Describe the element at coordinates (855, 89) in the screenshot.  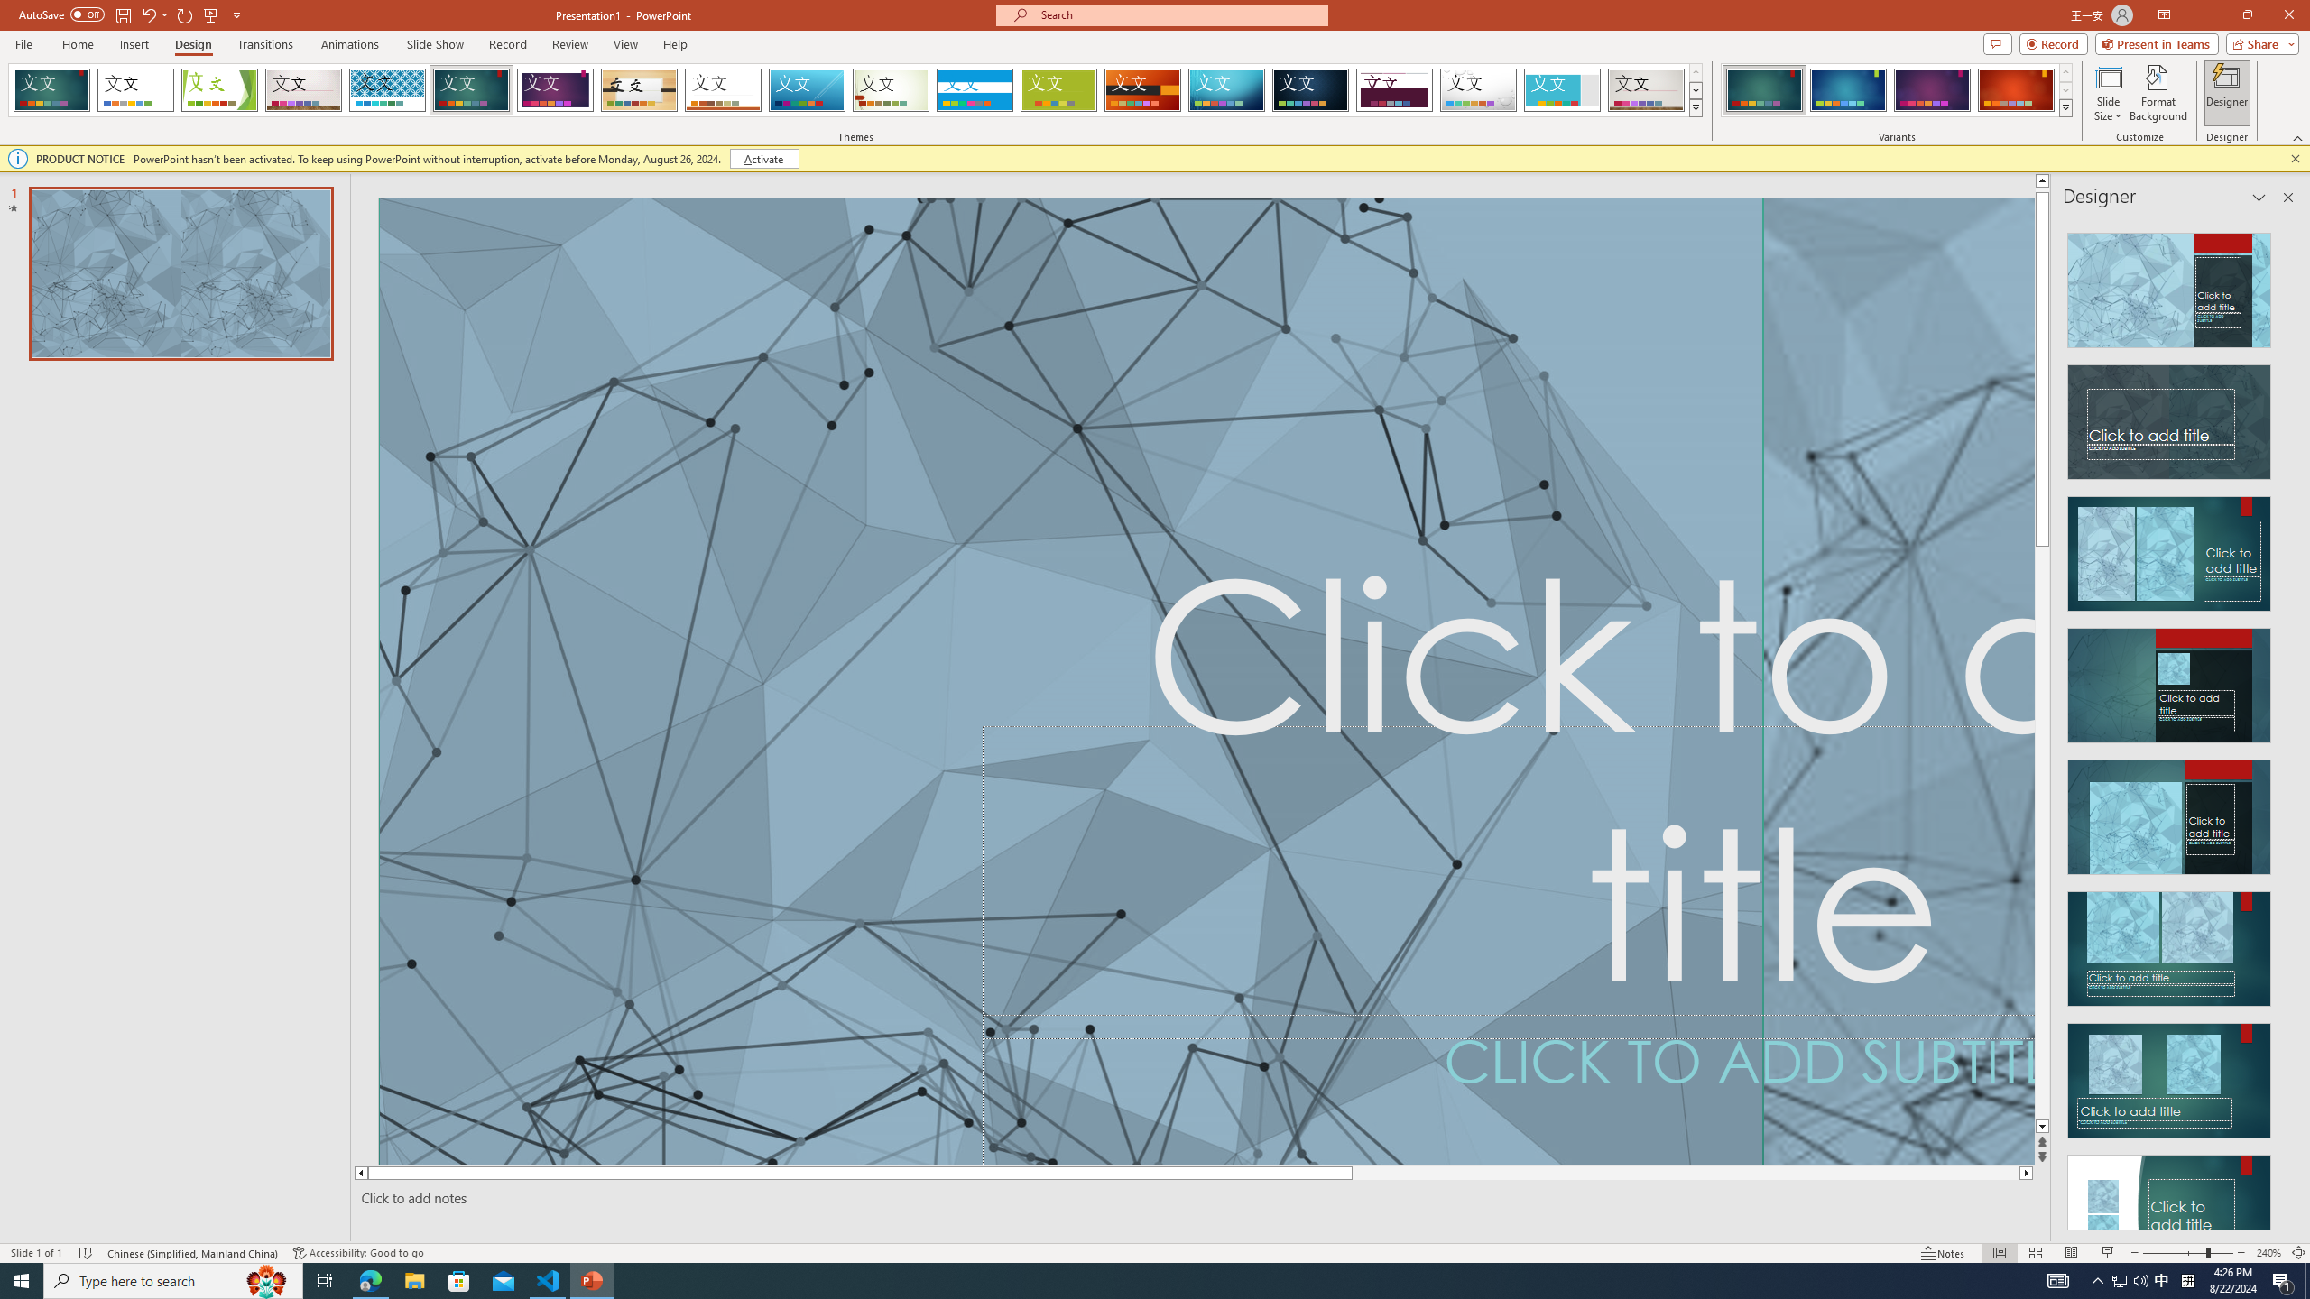
I see `'AutomationID: SlideThemesGallery'` at that location.